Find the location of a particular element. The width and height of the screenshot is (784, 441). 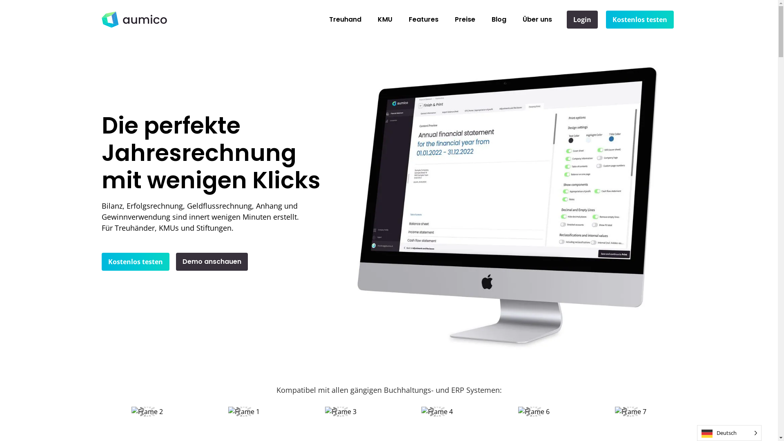

'Demo anschauen' is located at coordinates (212, 261).